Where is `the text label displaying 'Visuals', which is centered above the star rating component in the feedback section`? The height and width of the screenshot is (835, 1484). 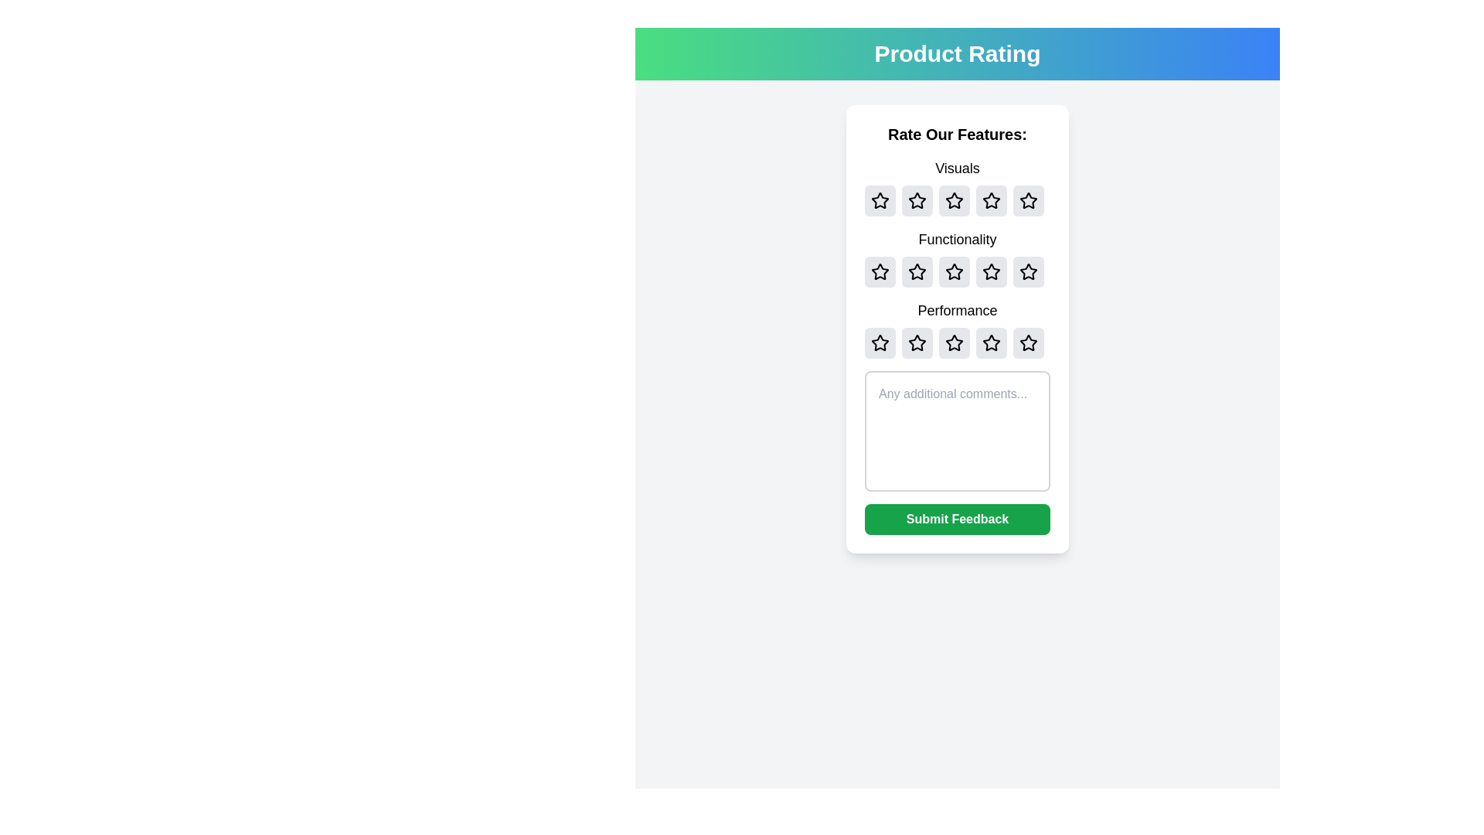
the text label displaying 'Visuals', which is centered above the star rating component in the feedback section is located at coordinates (956, 169).